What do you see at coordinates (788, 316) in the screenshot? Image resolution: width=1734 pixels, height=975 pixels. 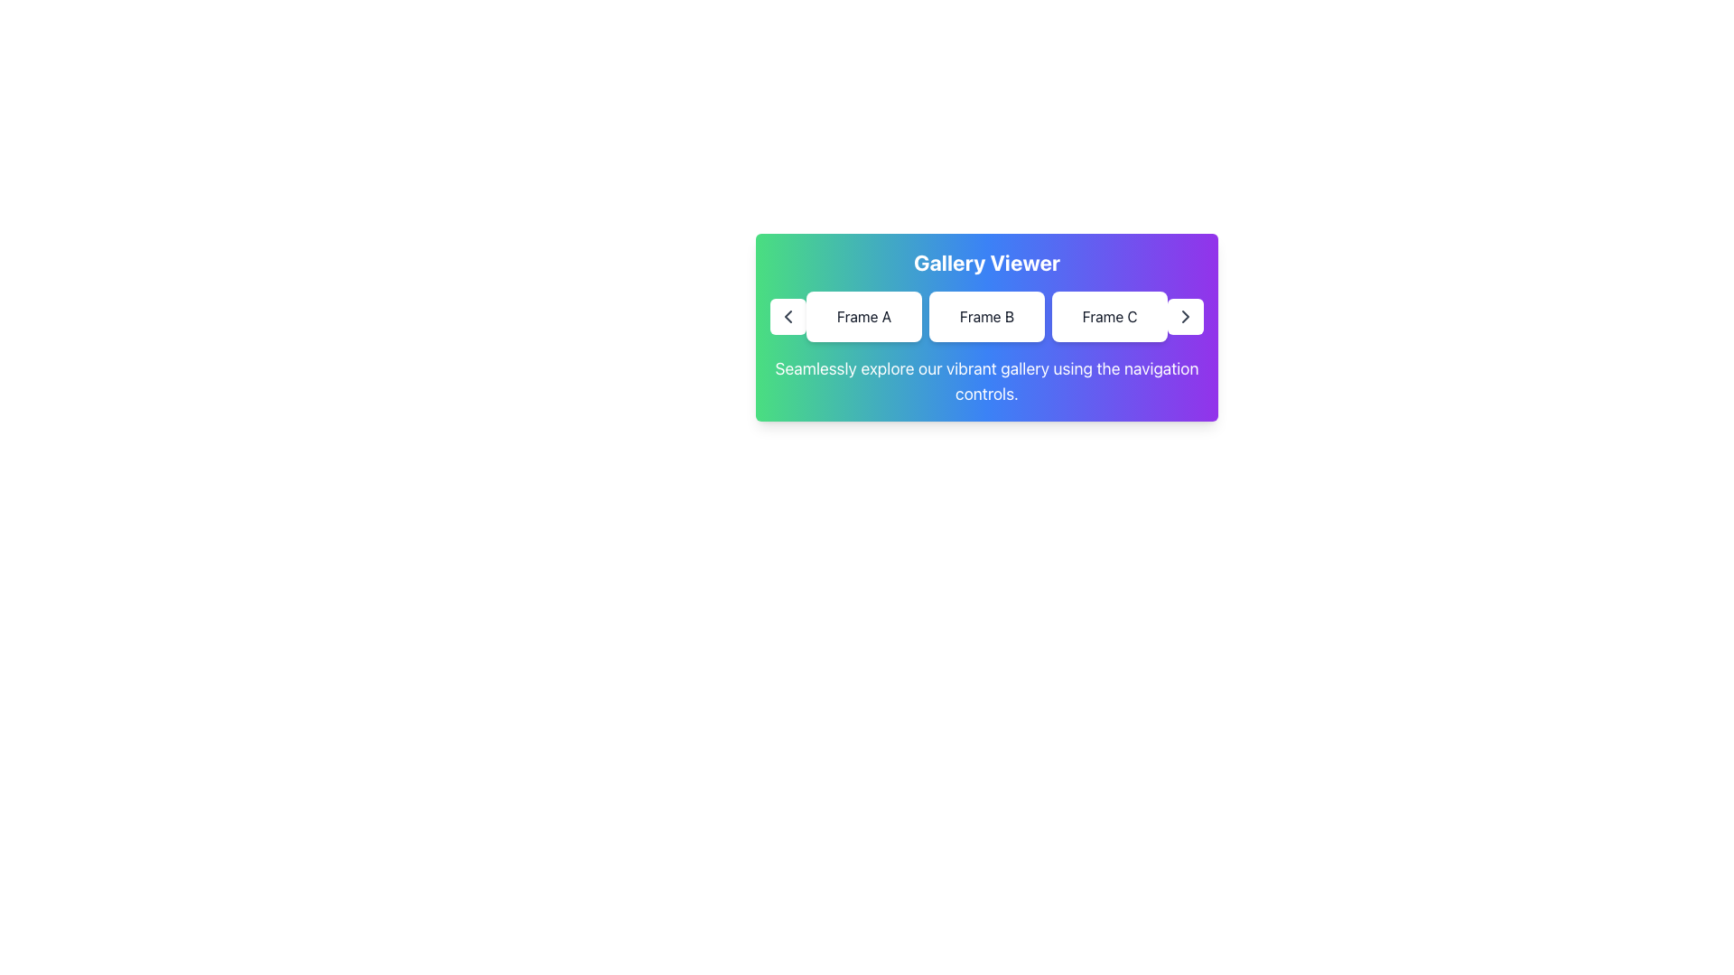 I see `the gray leftward-pointing chevron SVG icon inside the button in the top-left corner of the gallery interface` at bounding box center [788, 316].